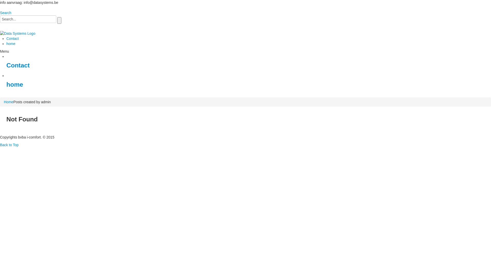 Image resolution: width=491 pixels, height=276 pixels. Describe the element at coordinates (8, 102) in the screenshot. I see `'Home'` at that location.